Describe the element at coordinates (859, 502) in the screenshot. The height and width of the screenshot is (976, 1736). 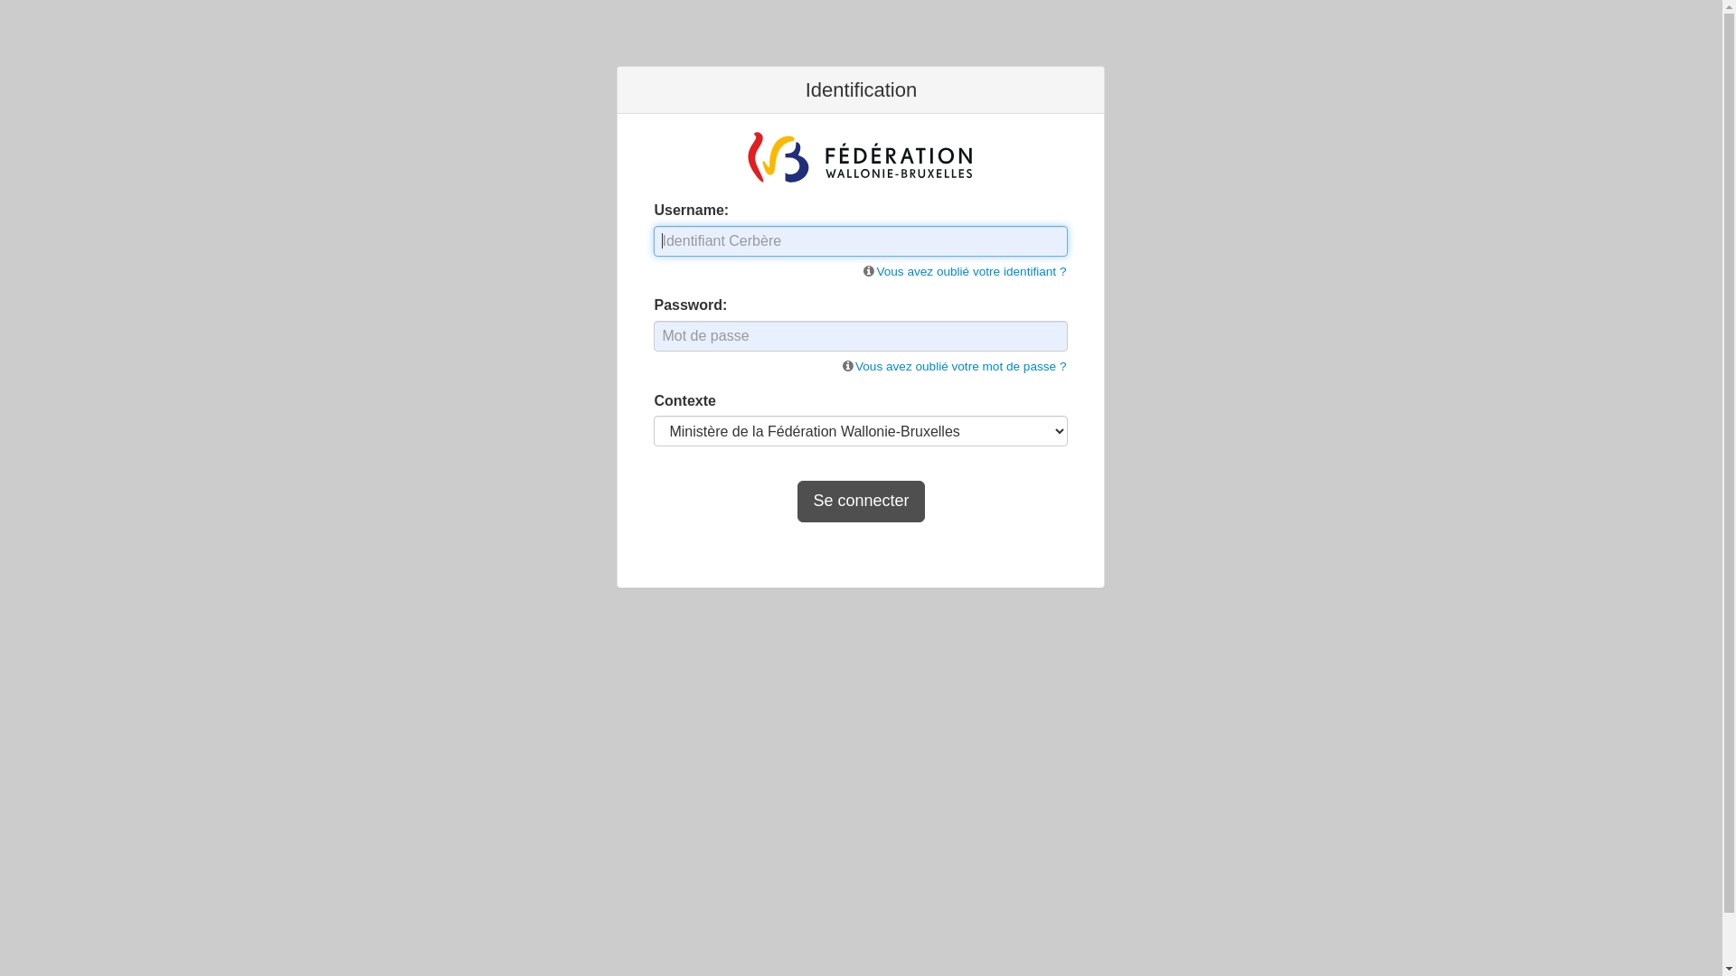
I see `'Se connecter'` at that location.